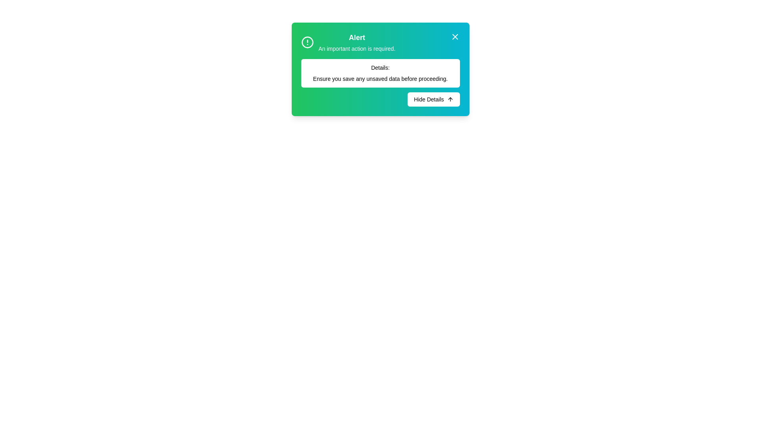 Image resolution: width=762 pixels, height=428 pixels. I want to click on the button located at the bottom-right corner of the card, so click(380, 99).